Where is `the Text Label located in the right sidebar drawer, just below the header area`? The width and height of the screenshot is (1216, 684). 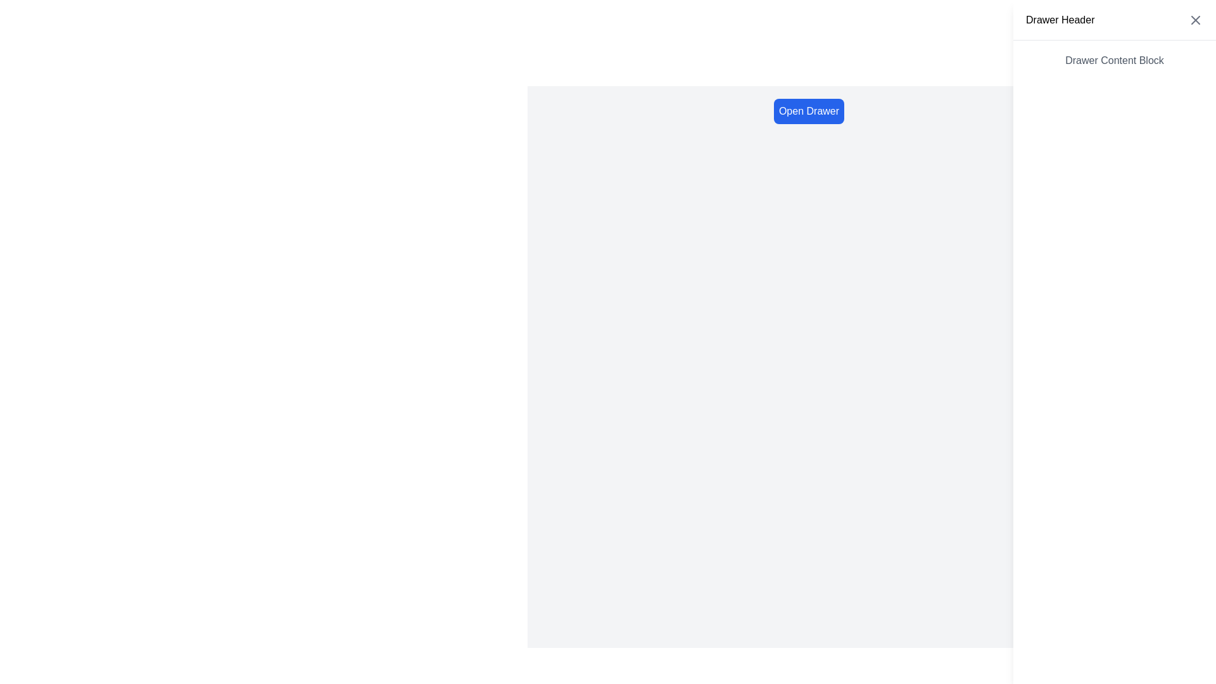
the Text Label located in the right sidebar drawer, just below the header area is located at coordinates (1115, 61).